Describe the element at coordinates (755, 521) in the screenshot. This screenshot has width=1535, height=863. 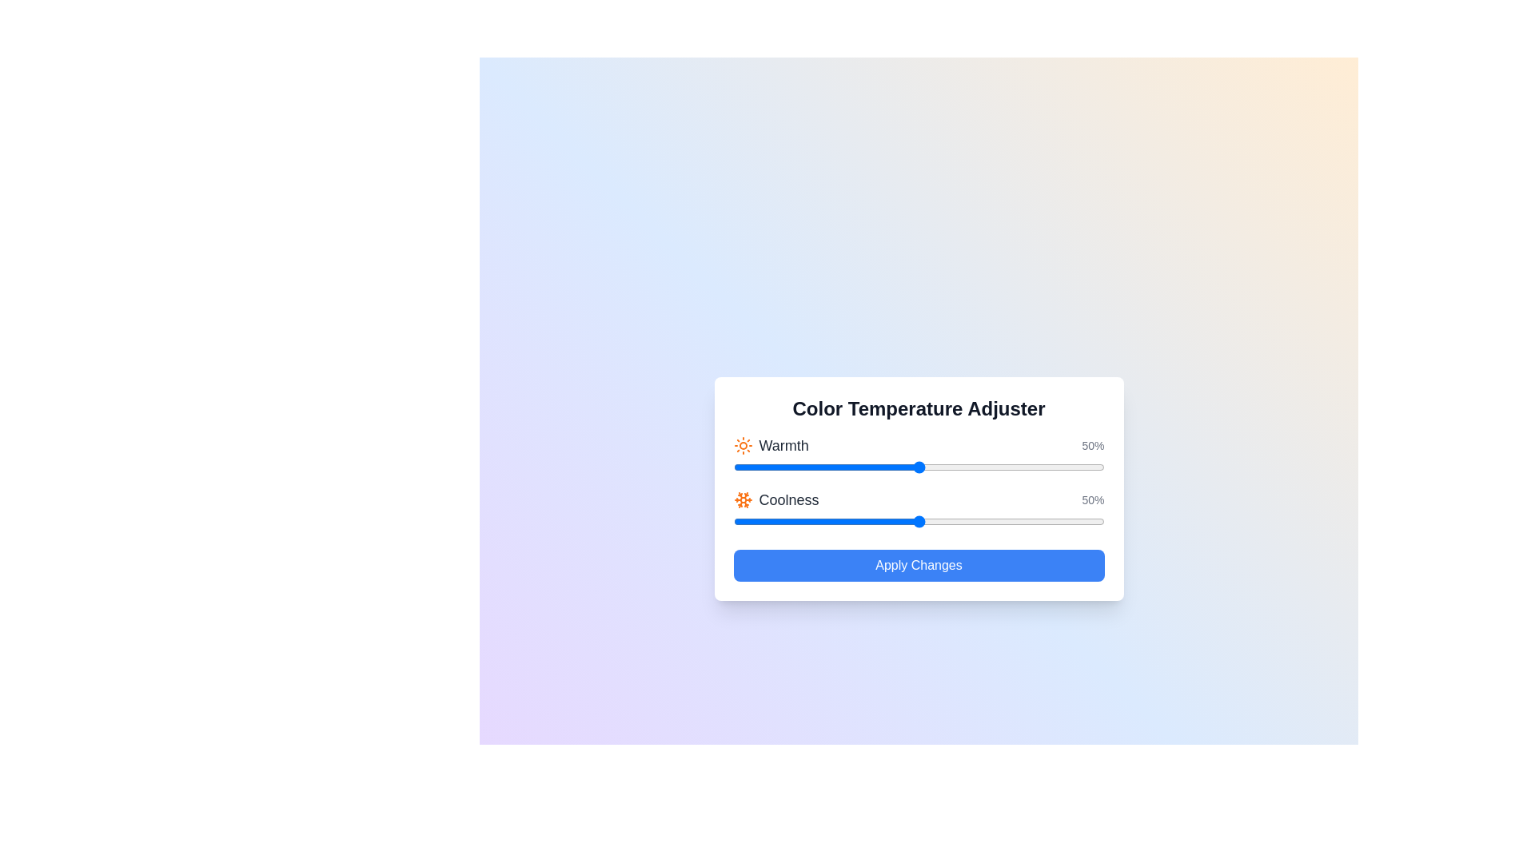
I see `the 'Coolness' slider to 6%` at that location.